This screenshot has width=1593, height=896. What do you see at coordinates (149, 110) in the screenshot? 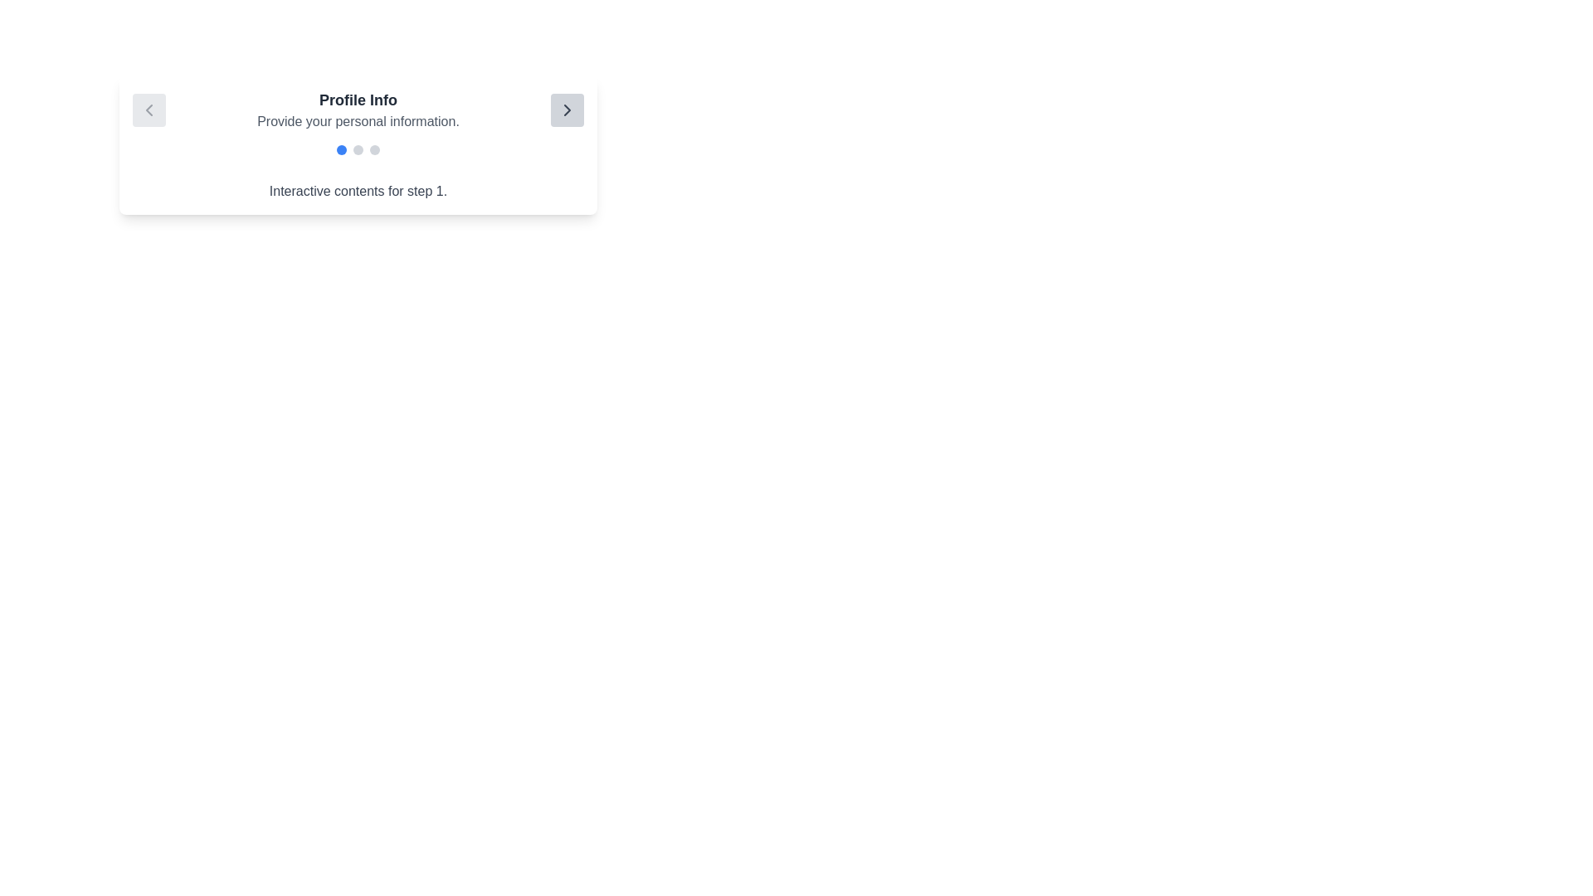
I see `the left-pointing chevron icon within the button located at the upper-left corner of the 'Profile Info' card` at bounding box center [149, 110].